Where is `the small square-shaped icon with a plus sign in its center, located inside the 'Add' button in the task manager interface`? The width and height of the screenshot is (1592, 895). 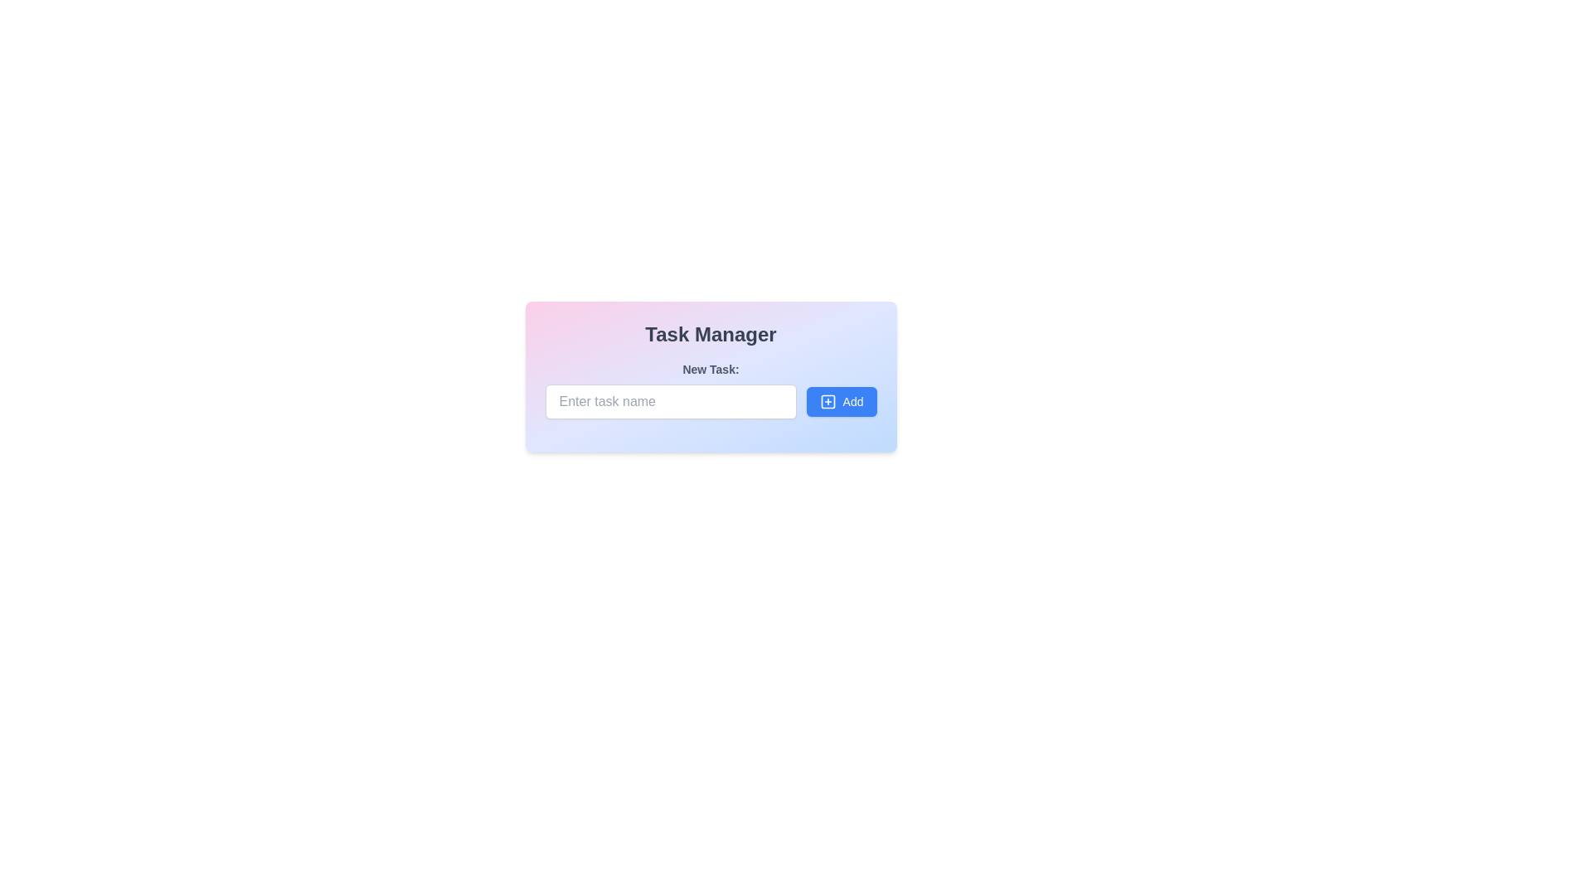 the small square-shaped icon with a plus sign in its center, located inside the 'Add' button in the task manager interface is located at coordinates (828, 402).